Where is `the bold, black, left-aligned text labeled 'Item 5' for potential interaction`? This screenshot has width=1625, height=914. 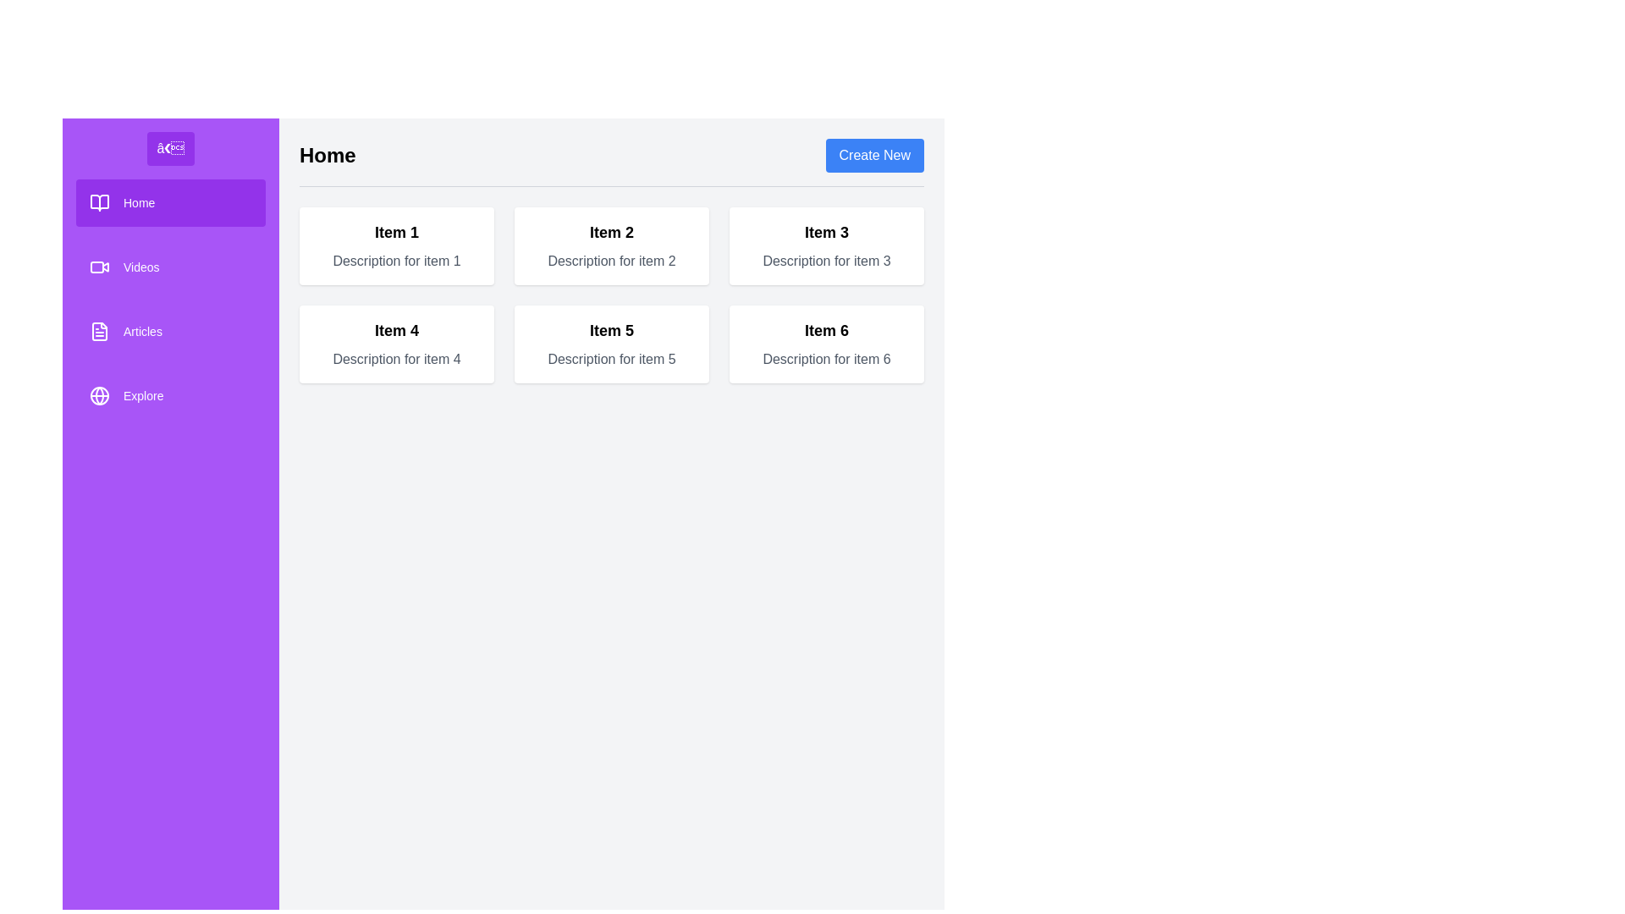
the bold, black, left-aligned text labeled 'Item 5' for potential interaction is located at coordinates (611, 330).